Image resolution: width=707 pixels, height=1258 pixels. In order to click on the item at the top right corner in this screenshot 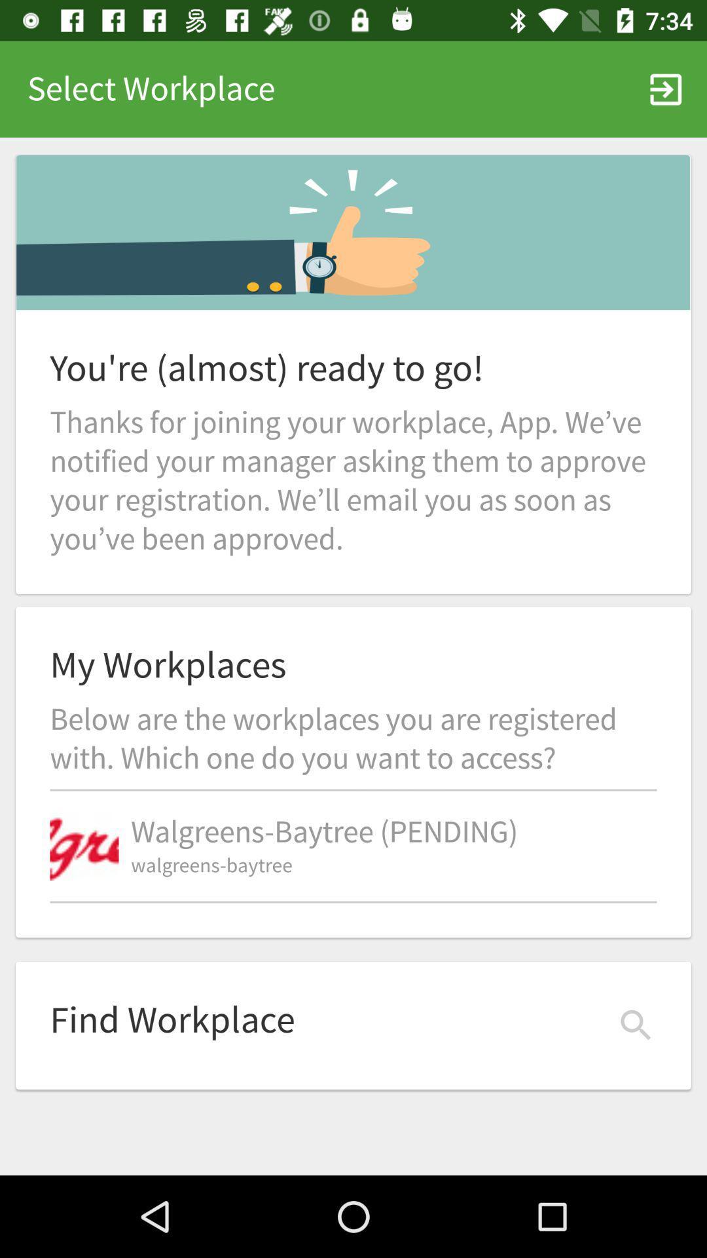, I will do `click(666, 88)`.